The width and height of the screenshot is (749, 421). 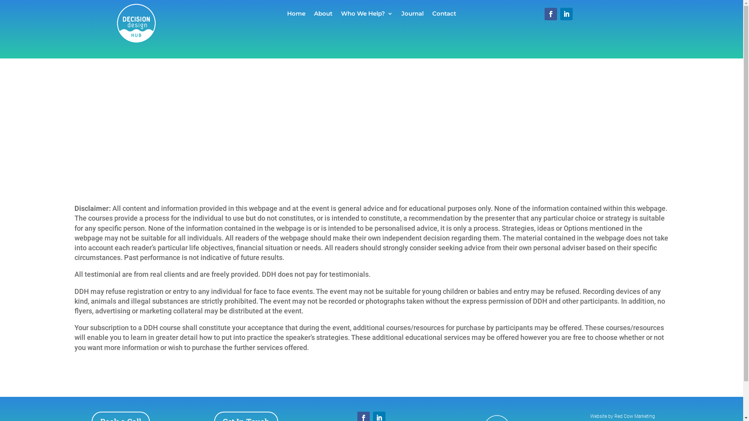 I want to click on 'Who We Help?', so click(x=366, y=15).